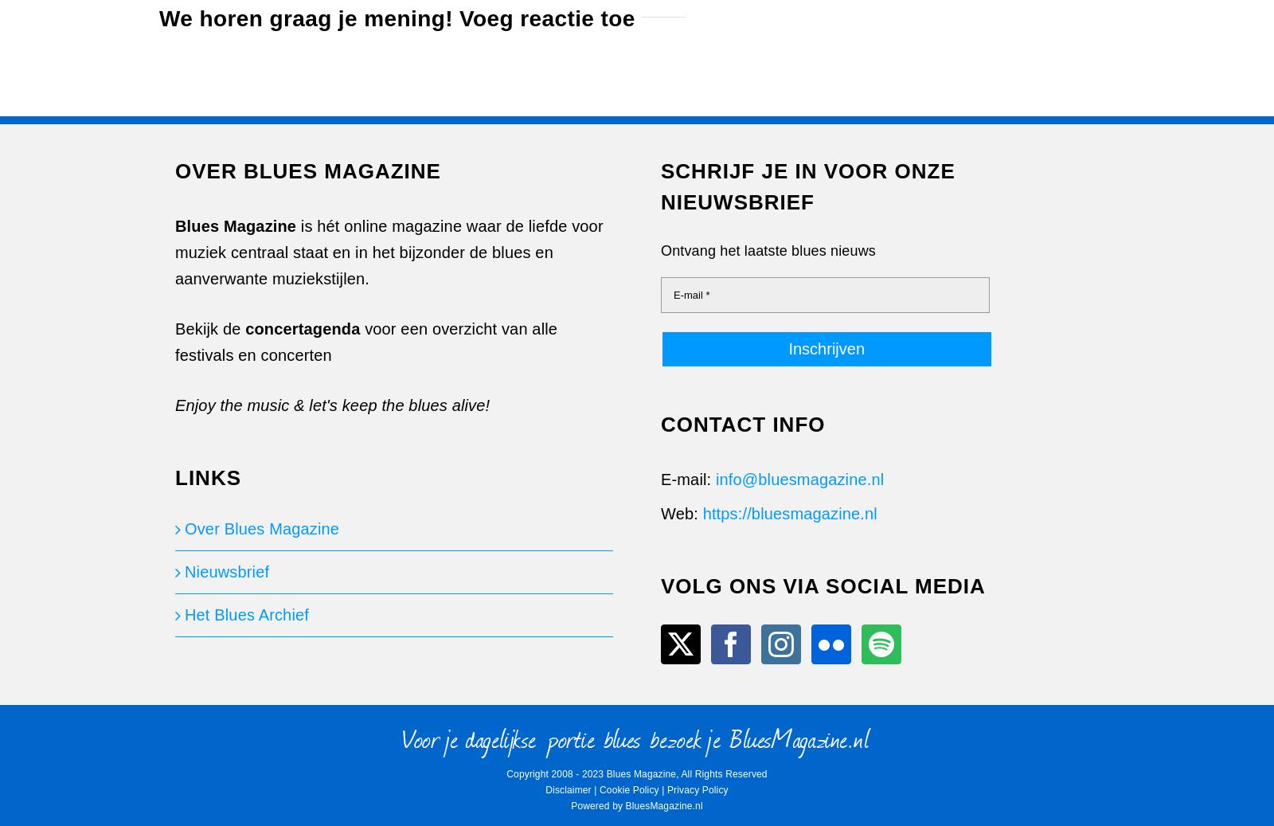 The image size is (1274, 826). Describe the element at coordinates (767, 250) in the screenshot. I see `'Ontvang het laatste blues nieuws'` at that location.